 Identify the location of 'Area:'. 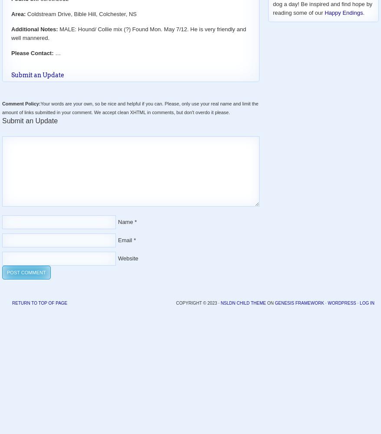
(18, 13).